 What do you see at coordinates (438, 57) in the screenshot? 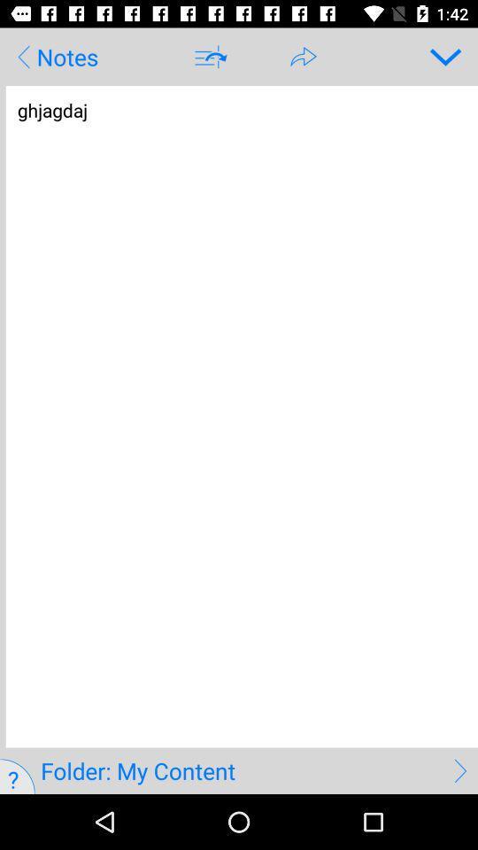
I see `the expand_more icon` at bounding box center [438, 57].